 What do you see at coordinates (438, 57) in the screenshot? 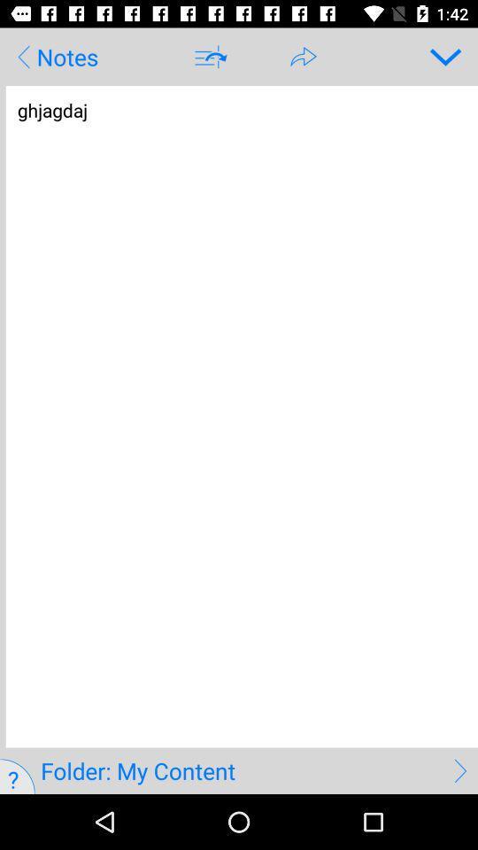
I see `the expand_more icon` at bounding box center [438, 57].